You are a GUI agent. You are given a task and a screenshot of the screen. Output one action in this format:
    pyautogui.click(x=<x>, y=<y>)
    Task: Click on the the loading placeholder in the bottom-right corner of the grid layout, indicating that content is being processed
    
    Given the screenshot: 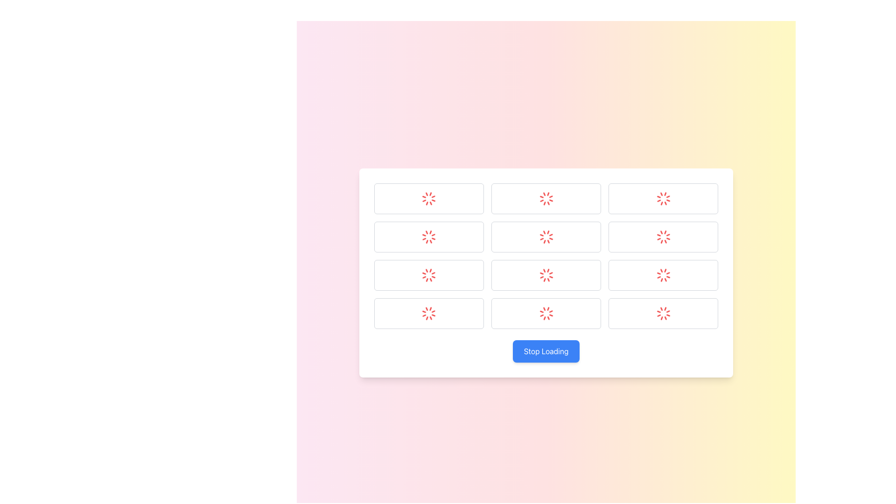 What is the action you would take?
    pyautogui.click(x=663, y=313)
    